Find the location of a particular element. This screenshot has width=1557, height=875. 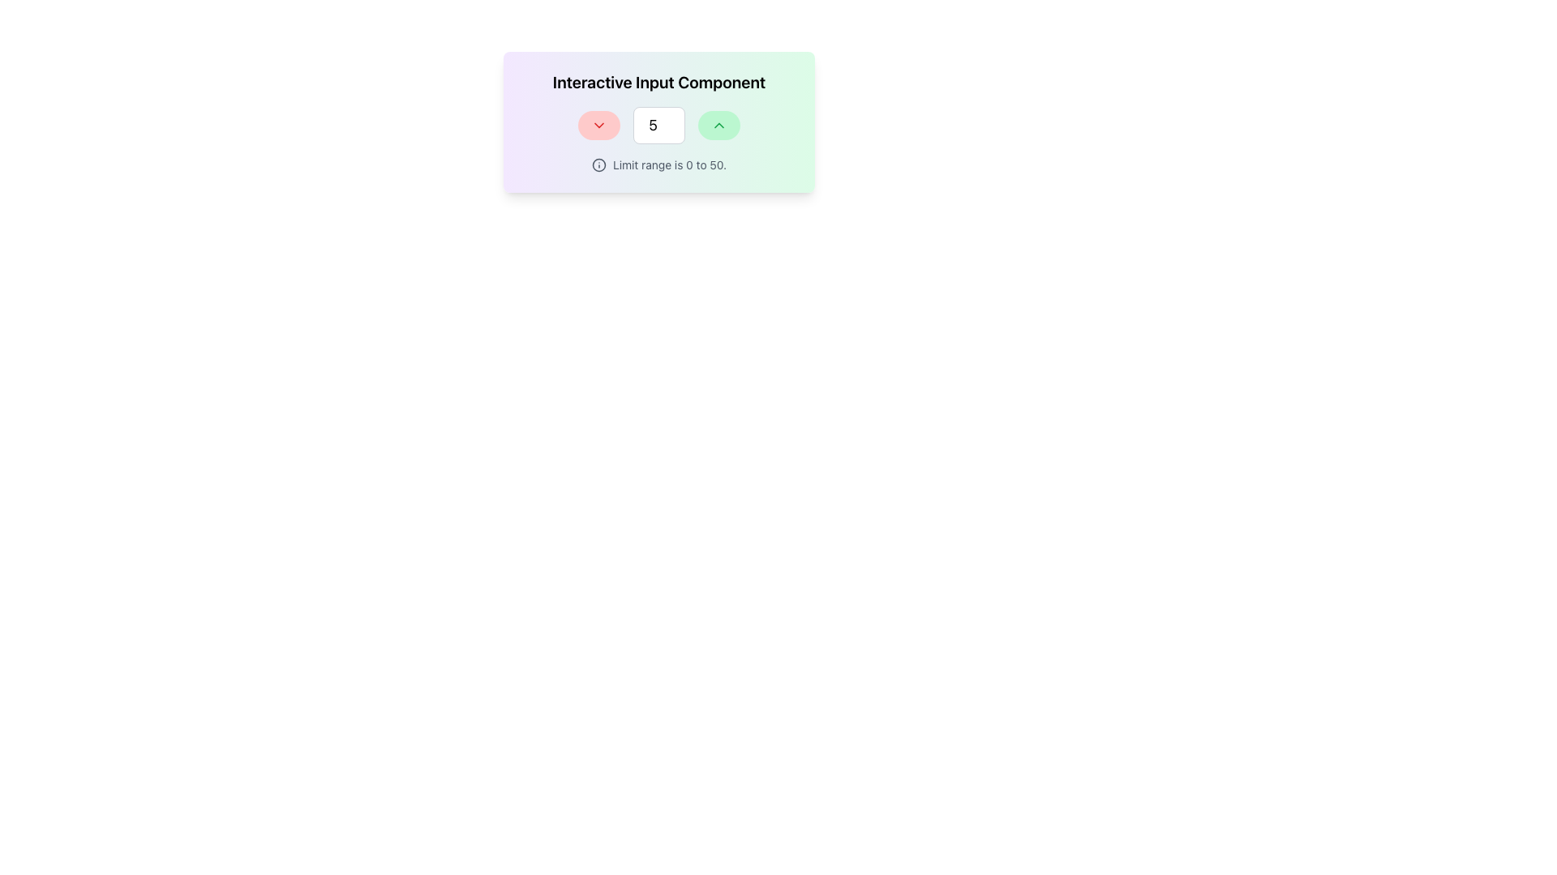

text from the Static Text Header that displays 'Interactive Input Component', which is styled in bold and large font at the top of the interactive input card is located at coordinates (658, 82).